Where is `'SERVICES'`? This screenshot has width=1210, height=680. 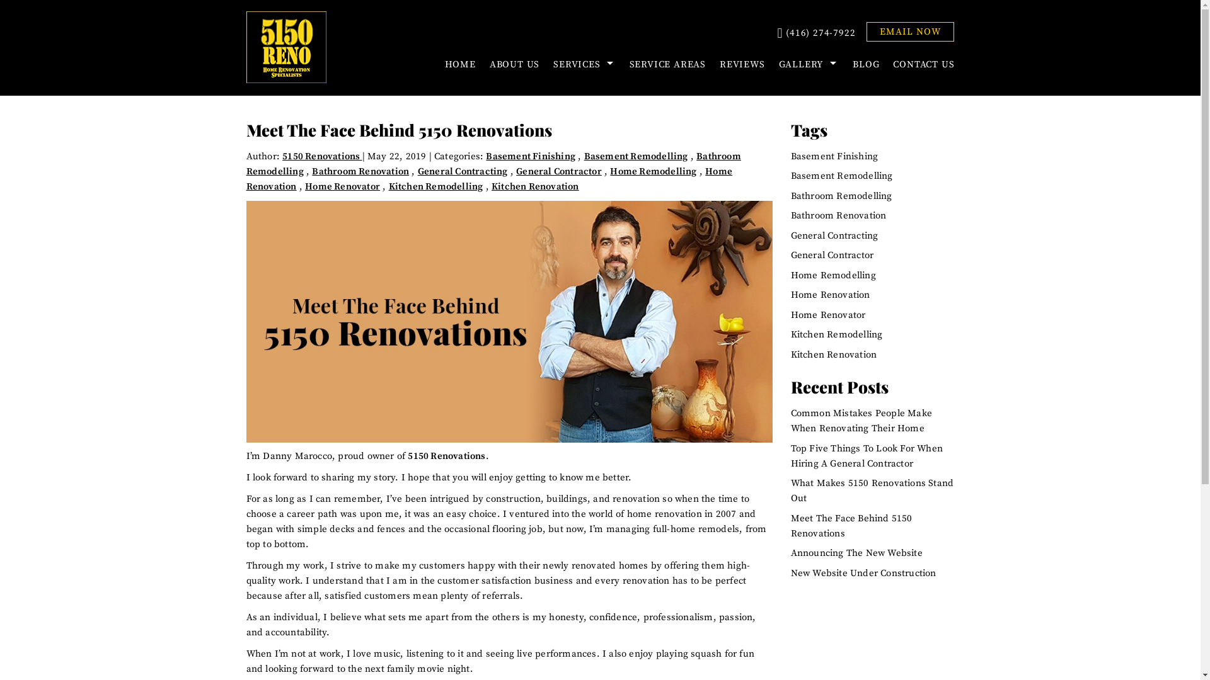 'SERVICES' is located at coordinates (546, 64).